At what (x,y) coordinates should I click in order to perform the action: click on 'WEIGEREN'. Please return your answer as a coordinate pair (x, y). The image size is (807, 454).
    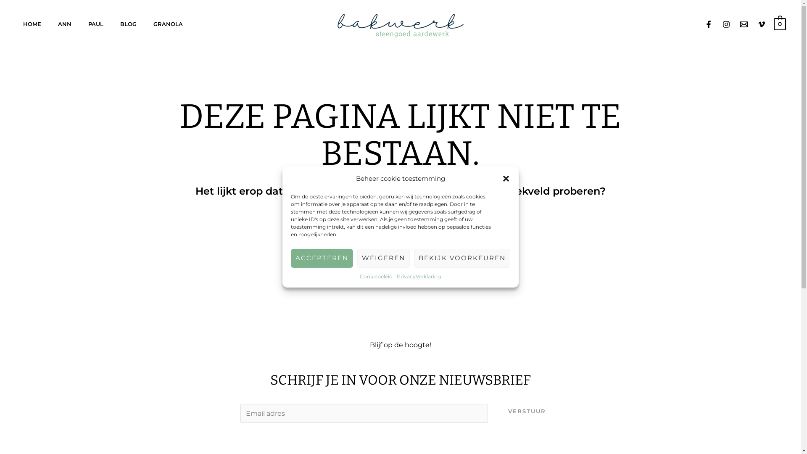
    Looking at the image, I should click on (383, 258).